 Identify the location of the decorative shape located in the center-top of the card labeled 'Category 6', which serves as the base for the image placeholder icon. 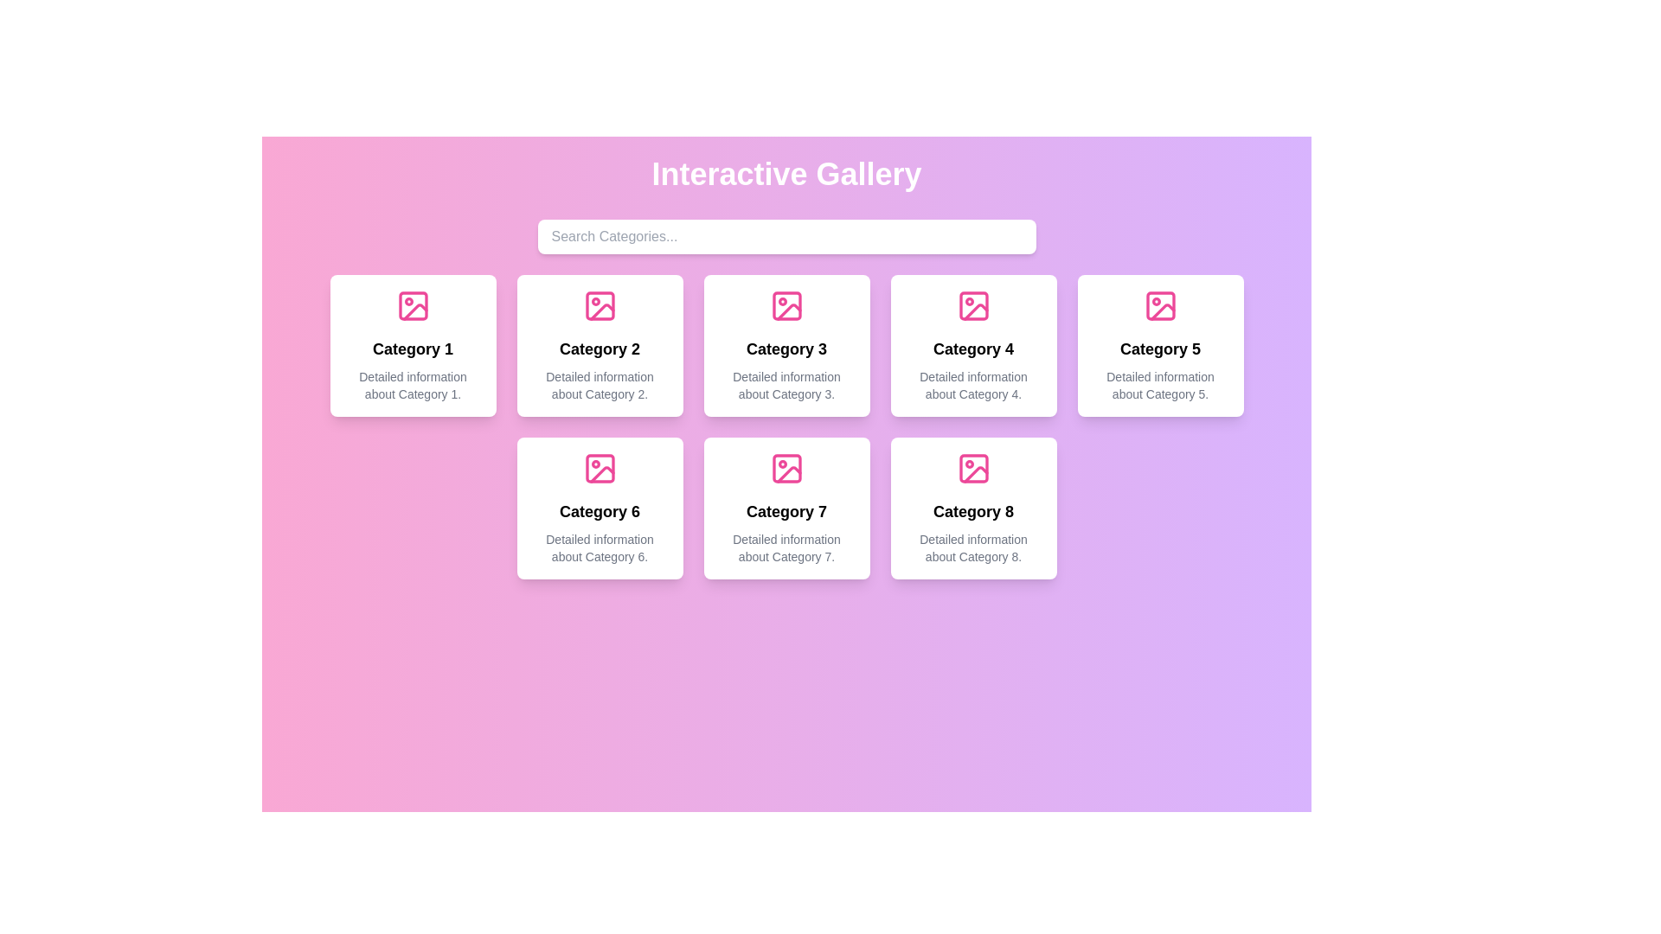
(600, 469).